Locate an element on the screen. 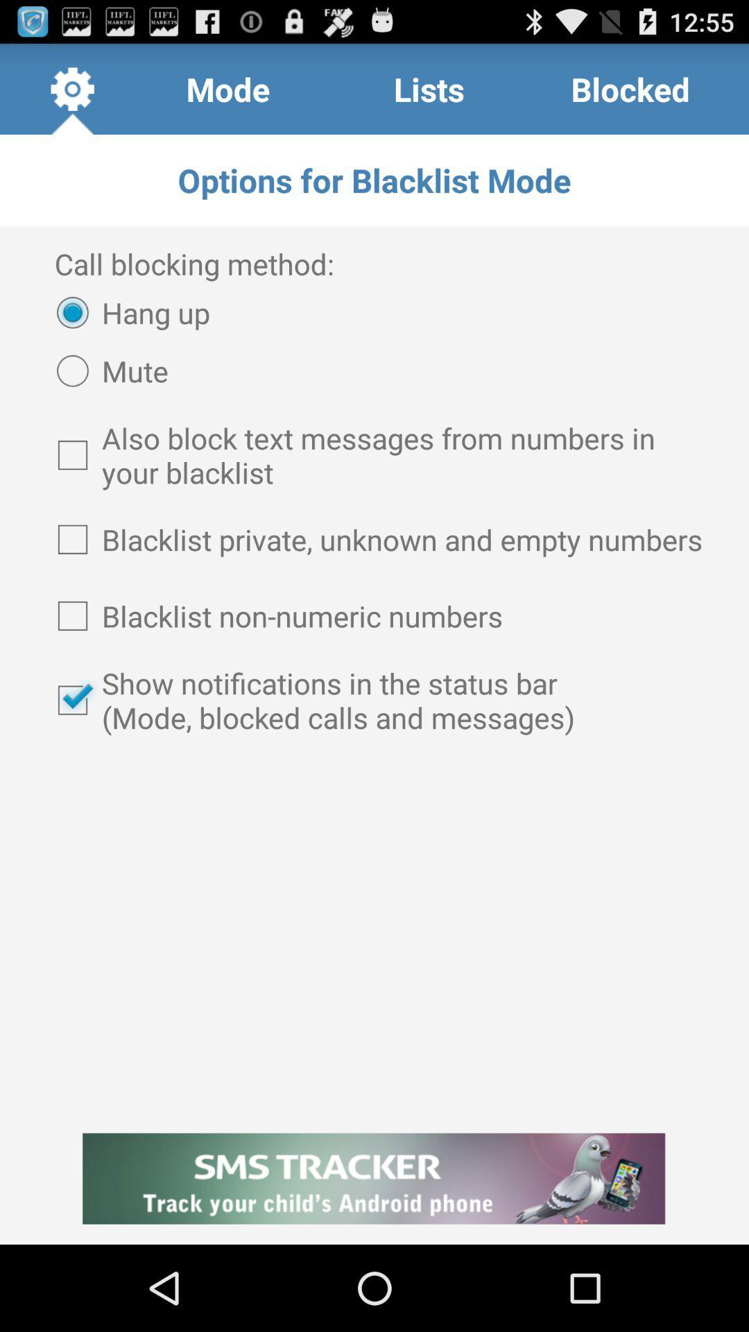  mute radio button is located at coordinates (105, 370).